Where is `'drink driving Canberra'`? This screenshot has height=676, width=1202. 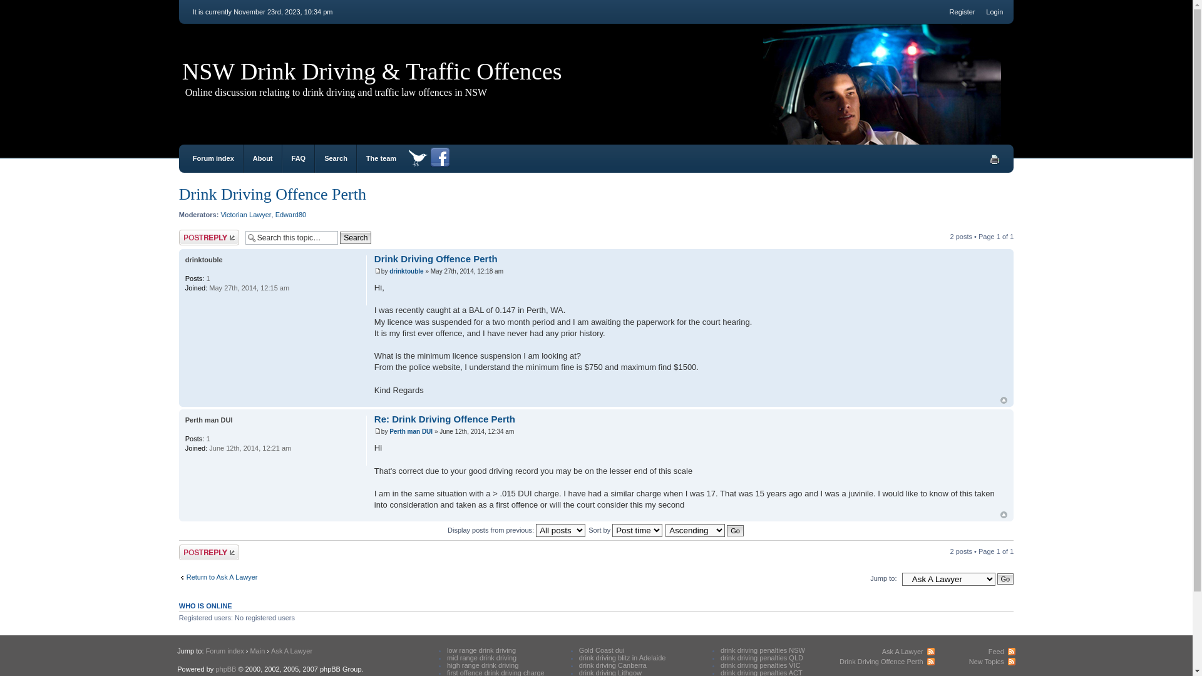 'drink driving Canberra' is located at coordinates (613, 665).